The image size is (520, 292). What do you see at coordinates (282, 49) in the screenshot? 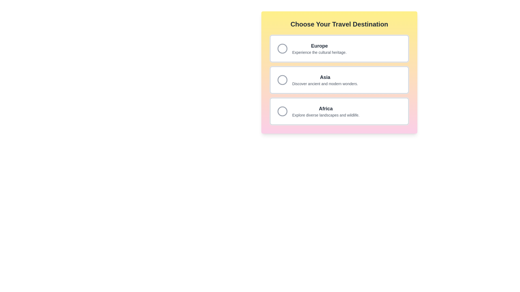
I see `the circular radio button for the 'Europe' travel destination option` at bounding box center [282, 49].